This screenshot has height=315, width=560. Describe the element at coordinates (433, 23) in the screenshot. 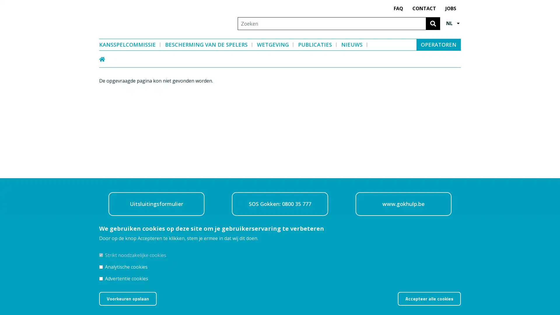

I see `Zoeken` at that location.